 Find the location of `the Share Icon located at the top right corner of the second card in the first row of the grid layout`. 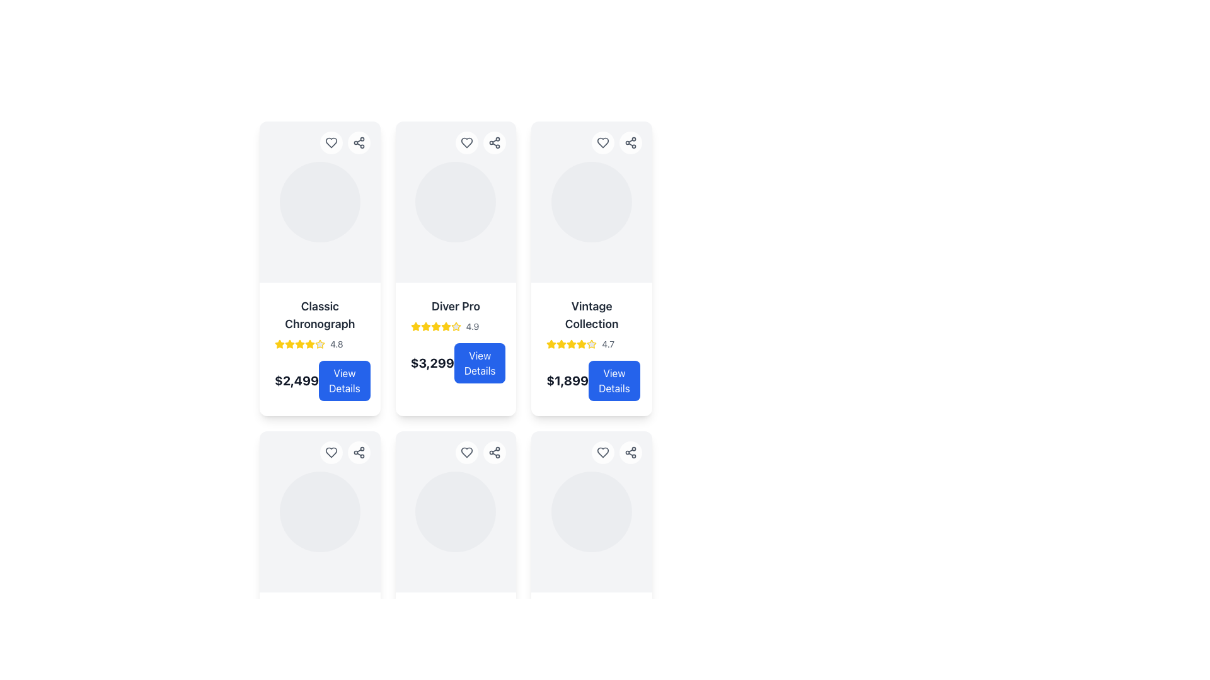

the Share Icon located at the top right corner of the second card in the first row of the grid layout is located at coordinates (631, 142).